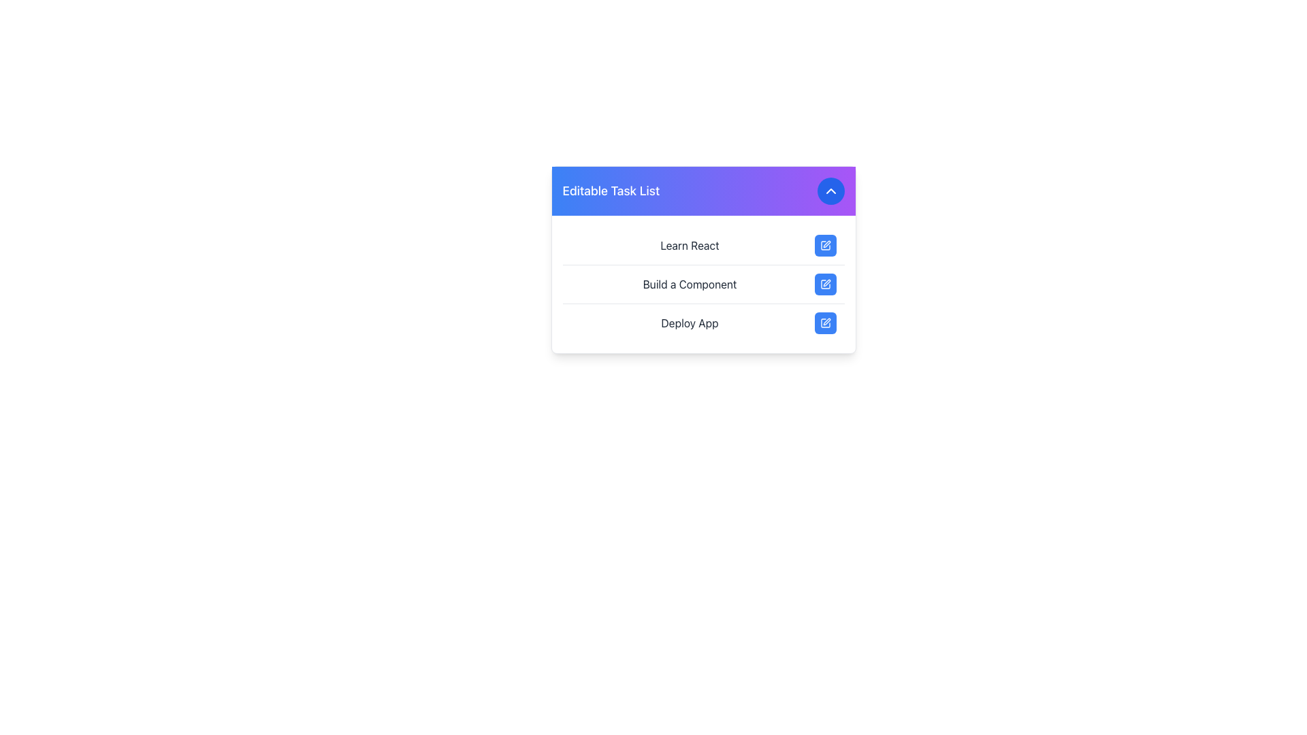  I want to click on the static text element displaying 'Build a Component', which is the second item in a vertical list of tasks, so click(690, 283).